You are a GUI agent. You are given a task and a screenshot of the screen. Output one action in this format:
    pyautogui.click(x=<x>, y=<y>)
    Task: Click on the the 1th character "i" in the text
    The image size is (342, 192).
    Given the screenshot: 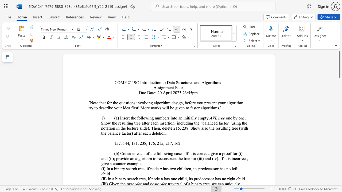 What is the action you would take?
    pyautogui.click(x=170, y=92)
    